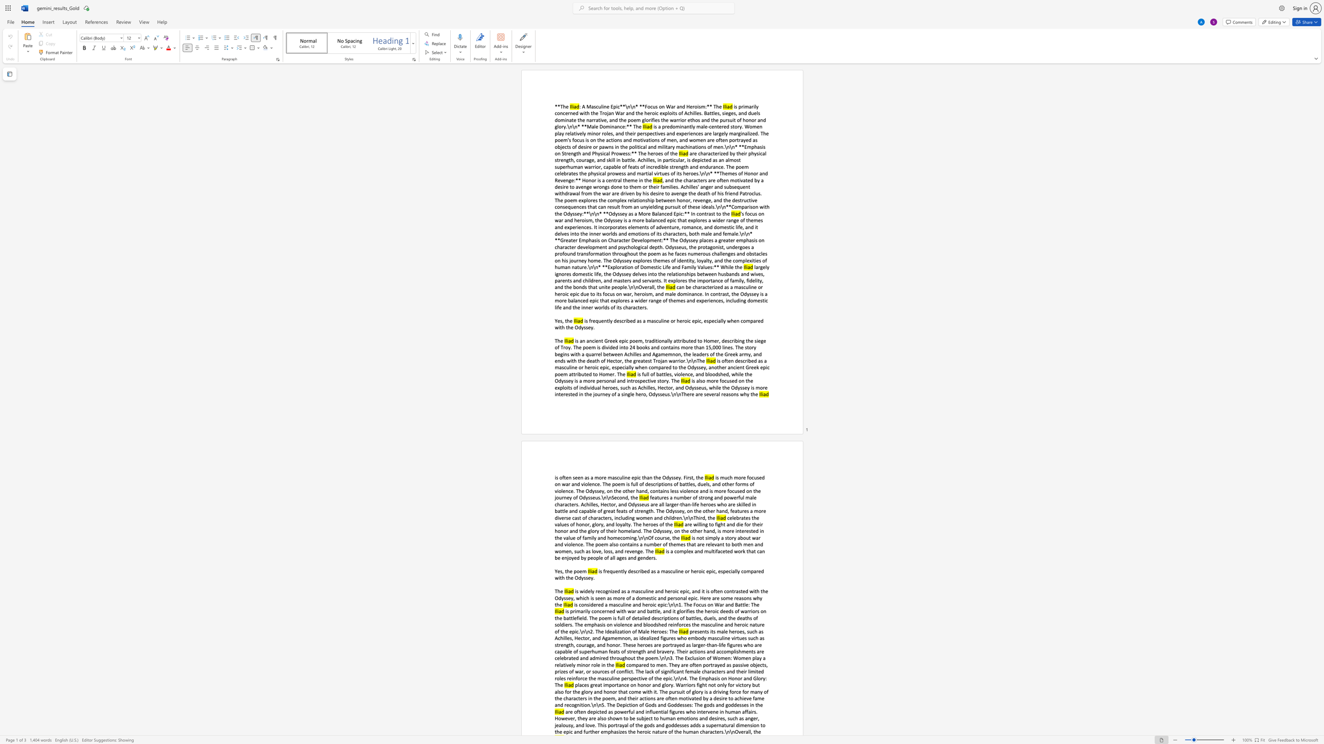 This screenshot has width=1324, height=744. I want to click on the subset text "yal" within the text "celebrates the values of honor, glory, and loyalty. The heroes of the", so click(619, 524).